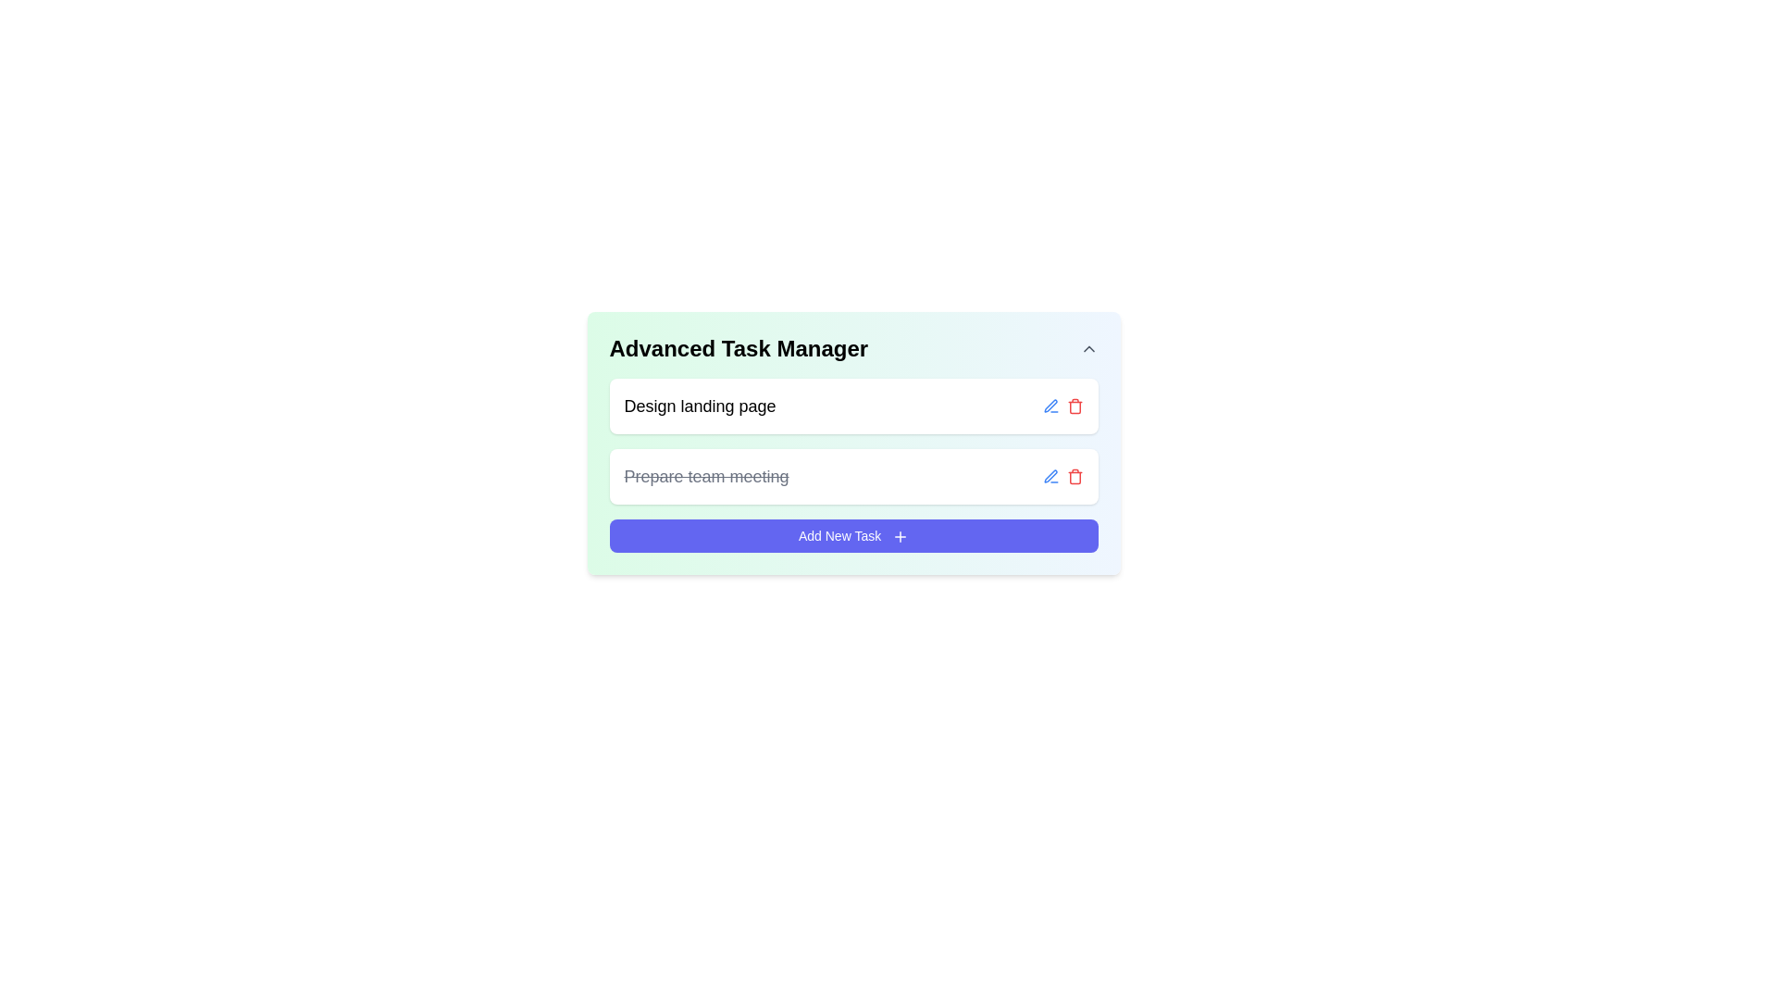  Describe the element at coordinates (699, 406) in the screenshot. I see `text from the label element displaying 'Design landing page', which is the first item in the task list of the task management interface` at that location.